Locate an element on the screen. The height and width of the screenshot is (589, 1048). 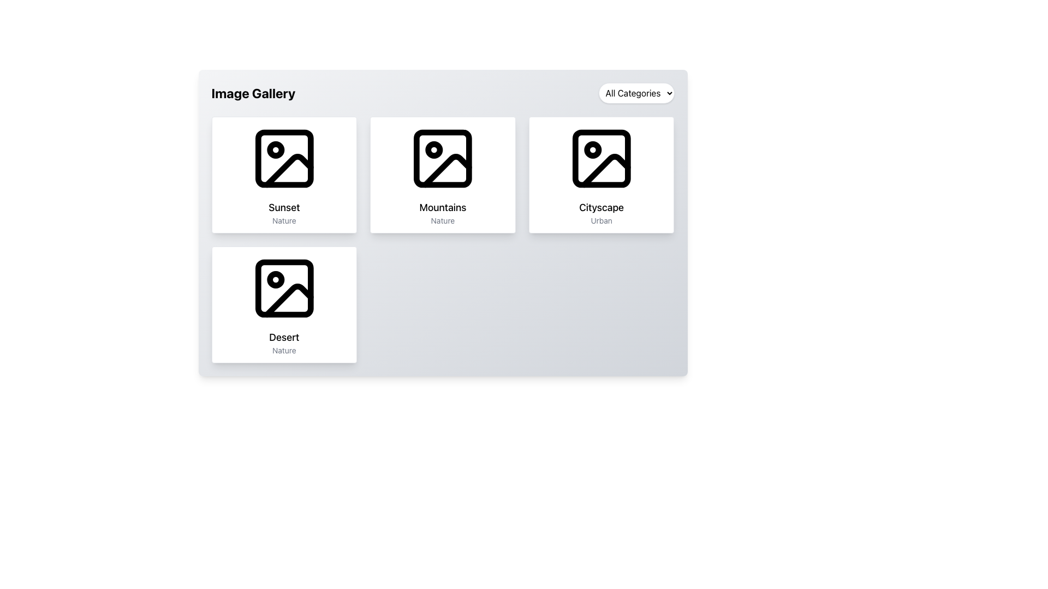
the image placeholder icon located in the upper section of the 'Cityscape' card with the subtitle 'Urban' in the top-right corner of the 'Image Gallery' grid is located at coordinates (601, 158).